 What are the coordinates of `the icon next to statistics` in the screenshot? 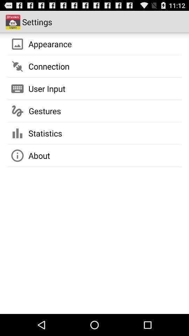 It's located at (17, 133).